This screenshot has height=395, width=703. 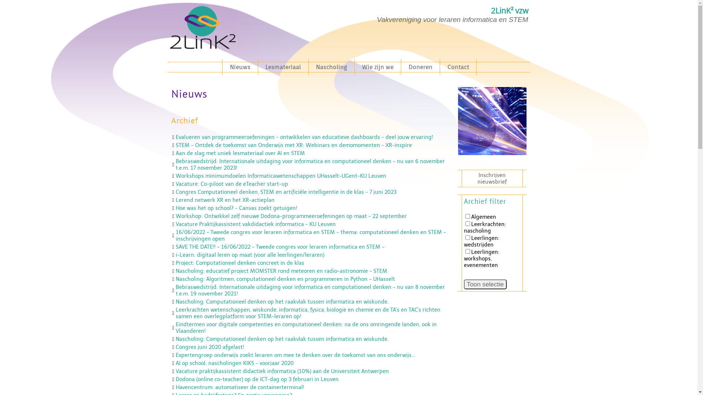 I want to click on 'Havencentrum: automatiseer de containerterminal!', so click(x=240, y=387).